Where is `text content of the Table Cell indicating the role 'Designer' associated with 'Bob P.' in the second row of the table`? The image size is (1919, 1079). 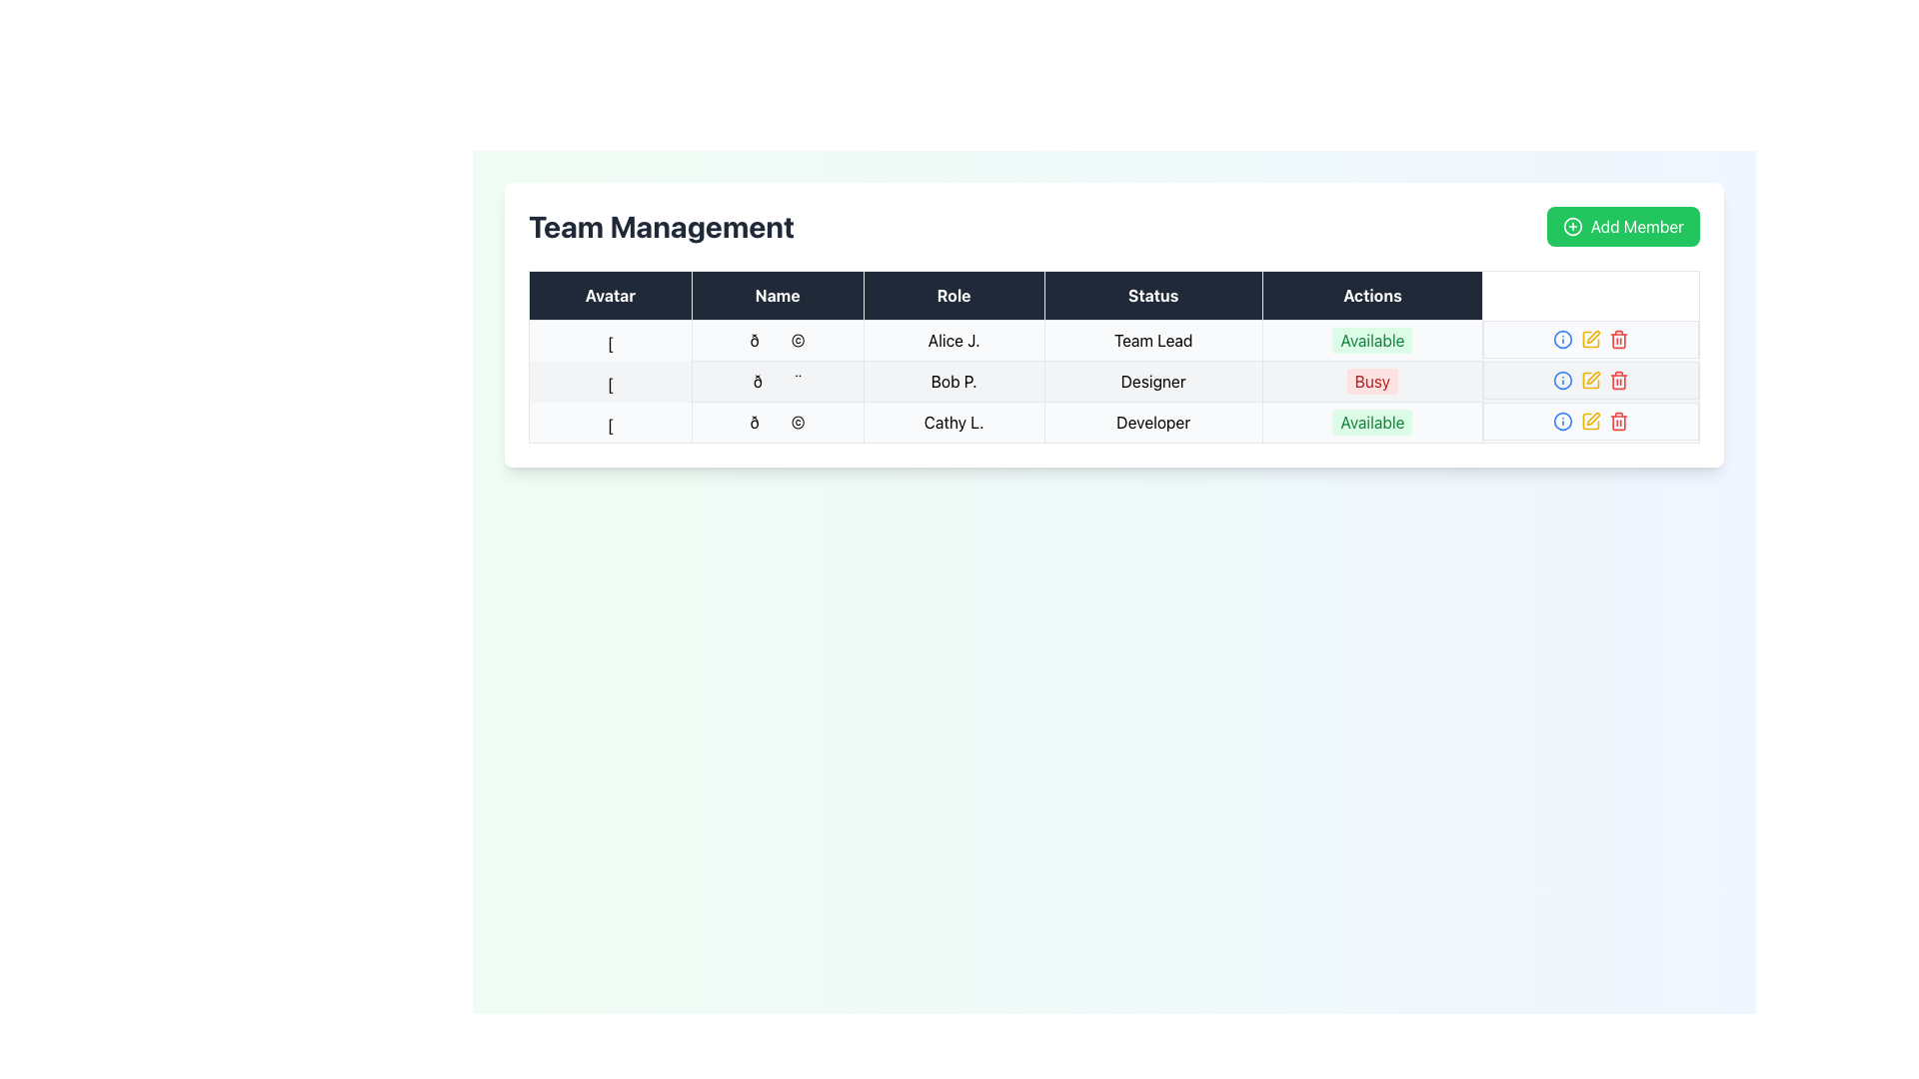 text content of the Table Cell indicating the role 'Designer' associated with 'Bob P.' in the second row of the table is located at coordinates (1153, 381).